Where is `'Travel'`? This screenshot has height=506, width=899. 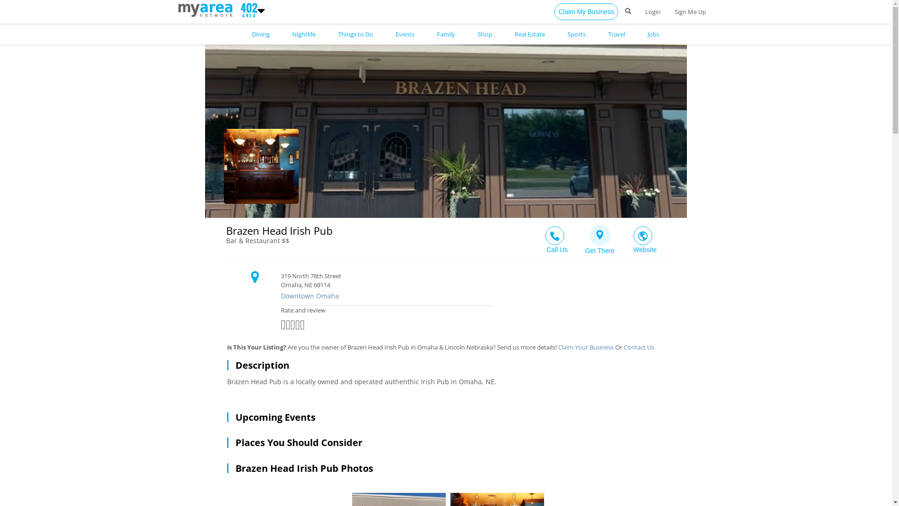
'Travel' is located at coordinates (616, 34).